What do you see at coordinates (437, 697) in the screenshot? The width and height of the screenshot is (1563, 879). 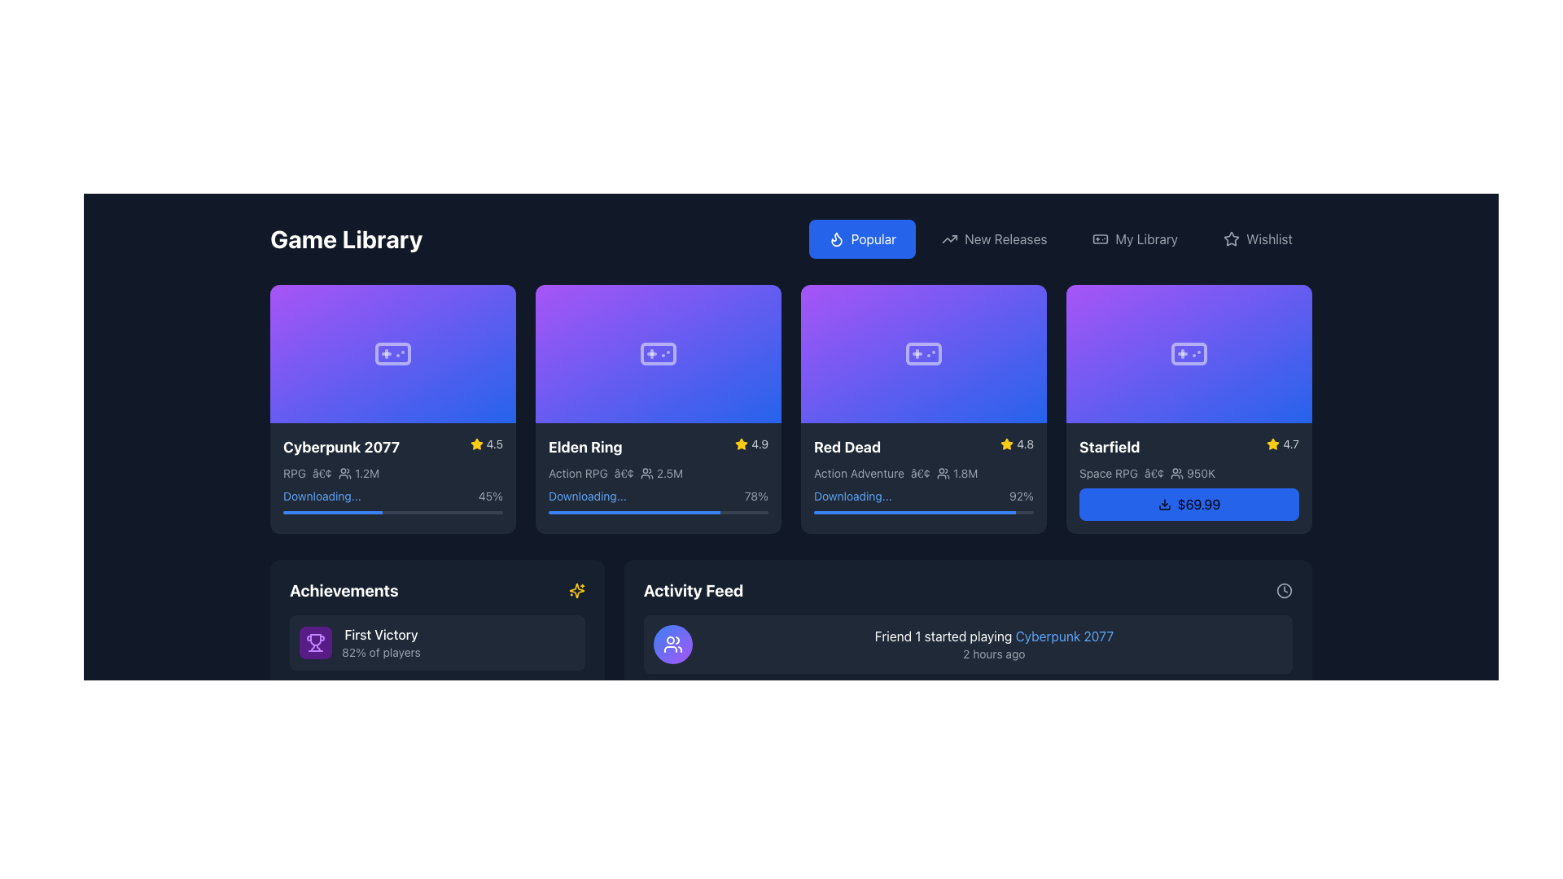 I see `the Information panel, which displays user achievements in a game, located in the bottom left section of the layout adjacent to the Activity Feed` at bounding box center [437, 697].